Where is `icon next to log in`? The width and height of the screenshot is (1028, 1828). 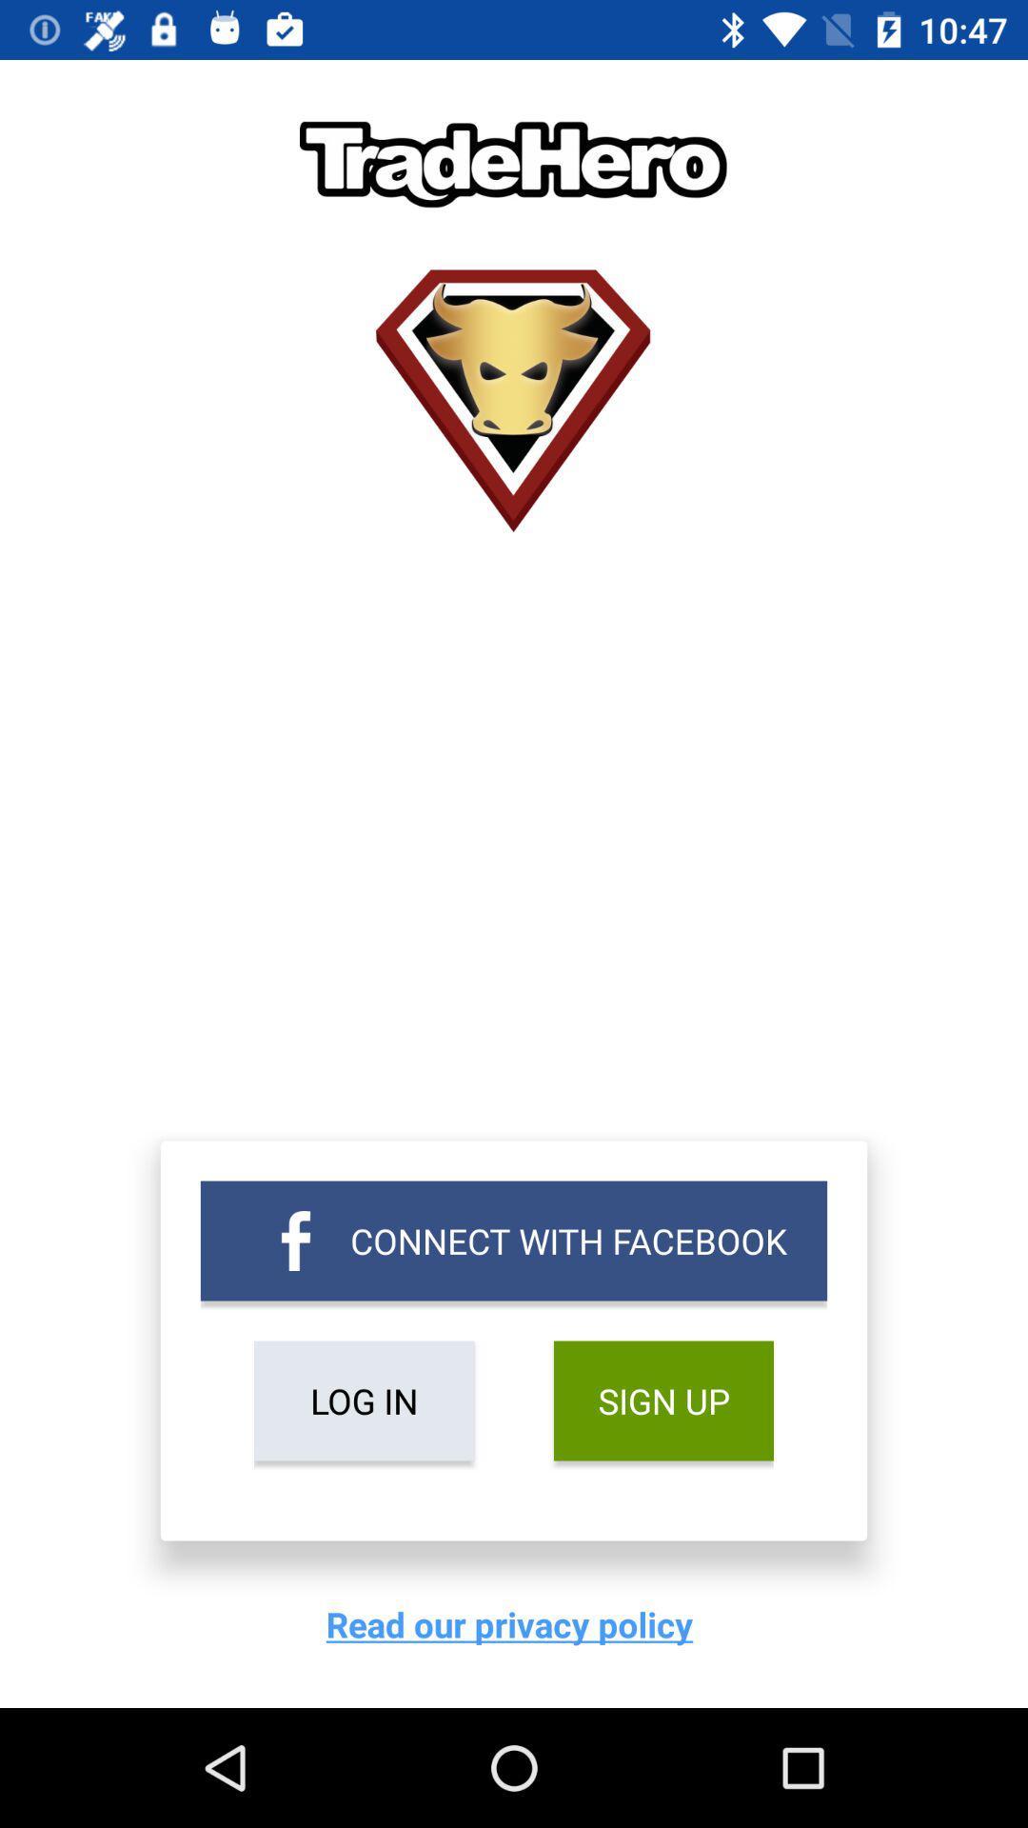
icon next to log in is located at coordinates (662, 1401).